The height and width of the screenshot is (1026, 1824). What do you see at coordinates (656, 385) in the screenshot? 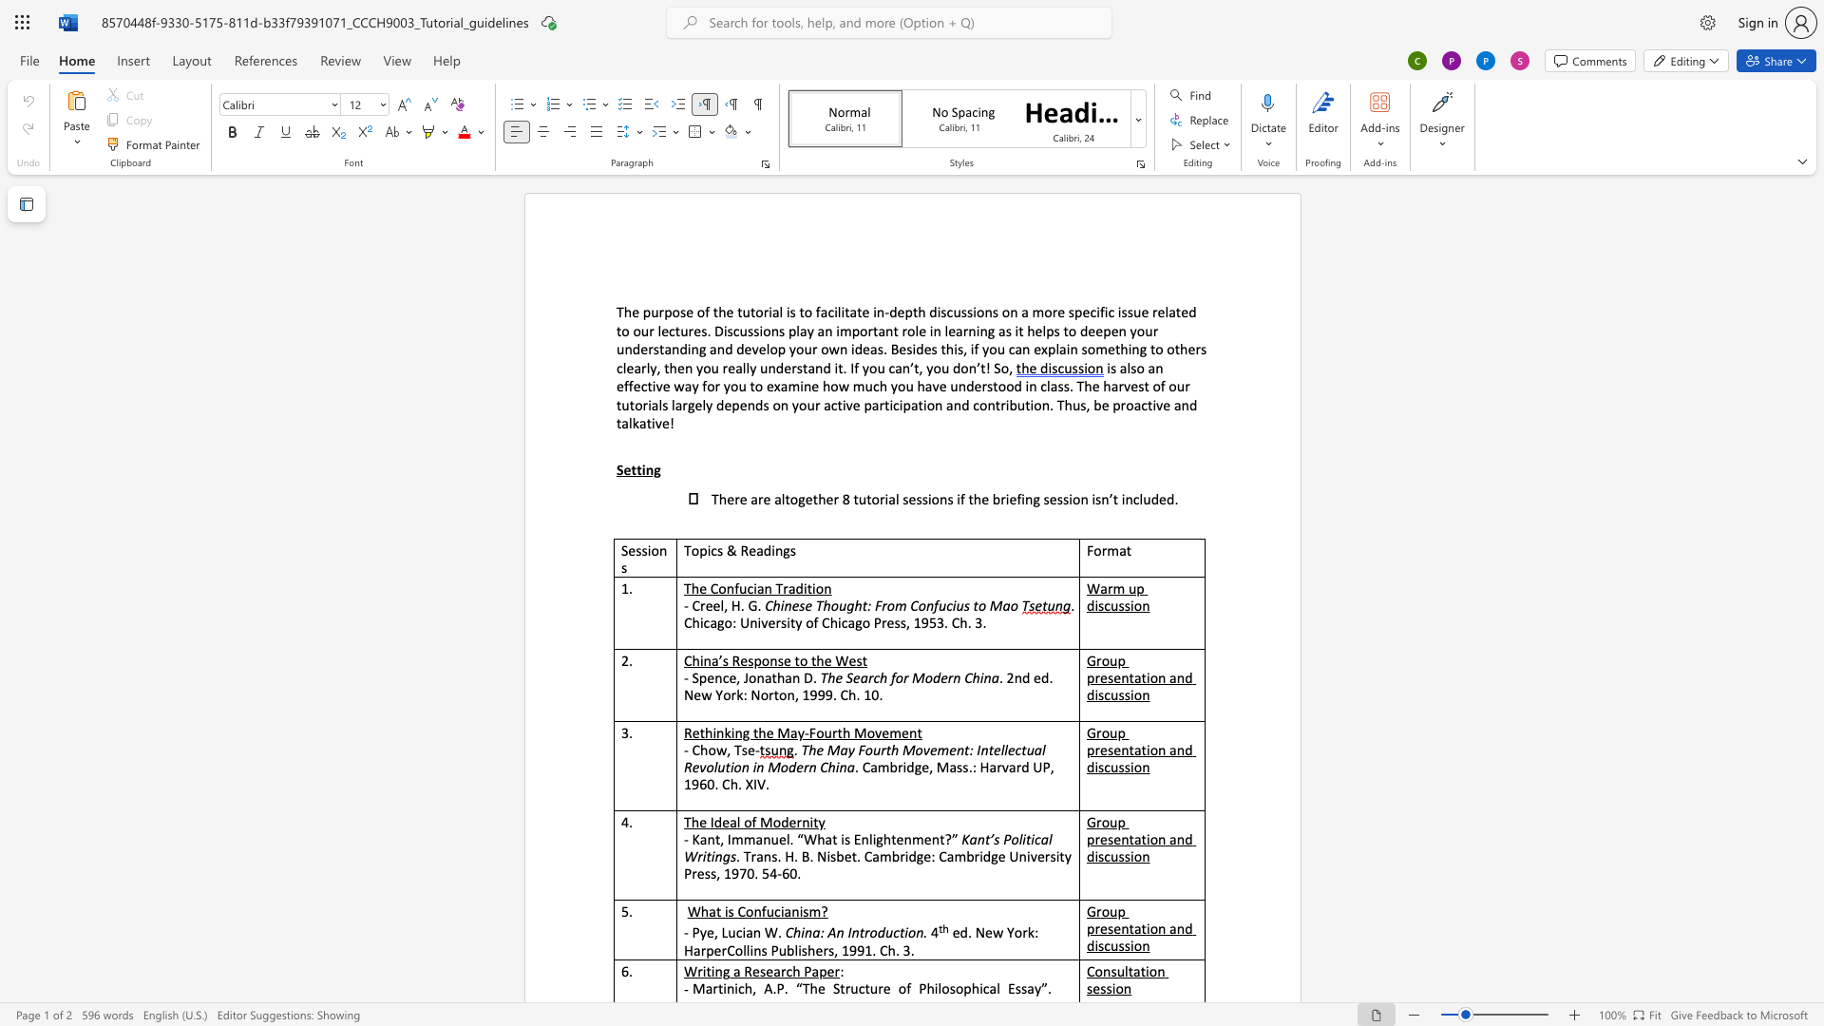
I see `the space between the continuous character "i" and "v" in the text` at bounding box center [656, 385].